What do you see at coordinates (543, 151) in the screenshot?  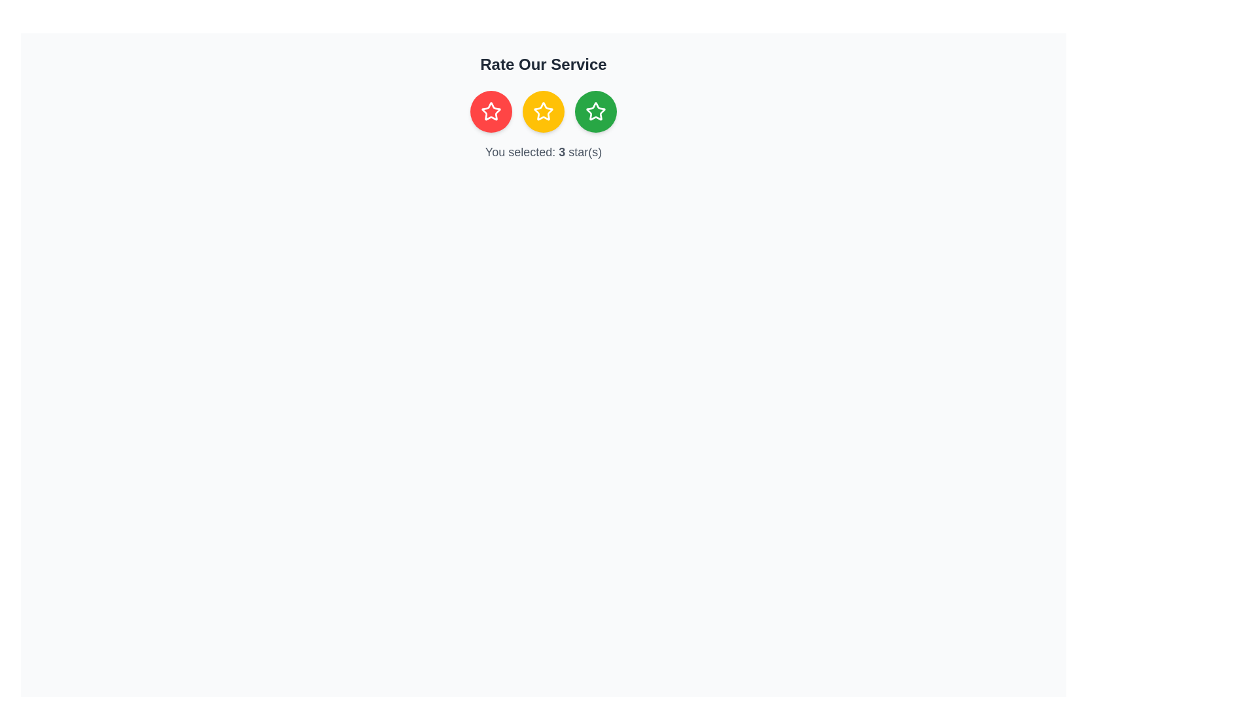 I see `the text label indicating the selected rating, which is positioned below the star rating buttons and aligned centrally with them` at bounding box center [543, 151].